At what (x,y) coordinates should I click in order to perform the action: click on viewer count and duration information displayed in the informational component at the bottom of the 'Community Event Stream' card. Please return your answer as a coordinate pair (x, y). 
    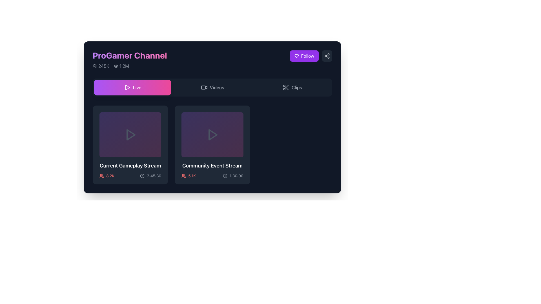
    Looking at the image, I should click on (212, 175).